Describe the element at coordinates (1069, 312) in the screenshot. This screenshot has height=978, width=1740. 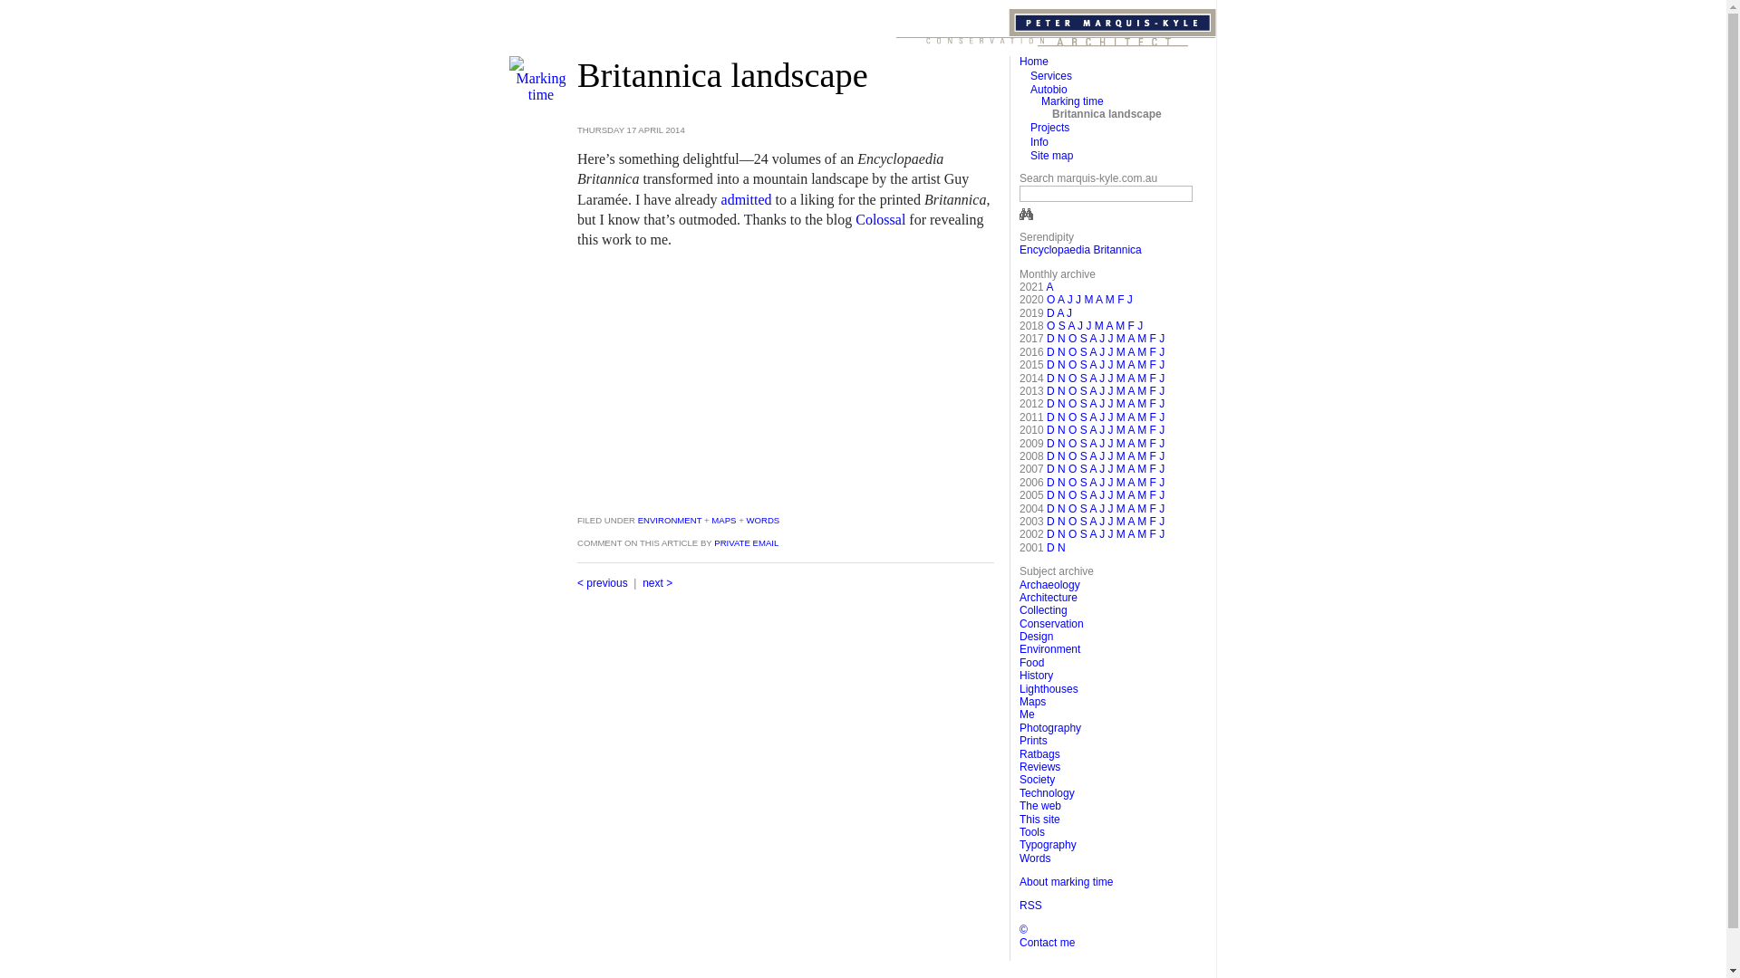
I see `'J'` at that location.